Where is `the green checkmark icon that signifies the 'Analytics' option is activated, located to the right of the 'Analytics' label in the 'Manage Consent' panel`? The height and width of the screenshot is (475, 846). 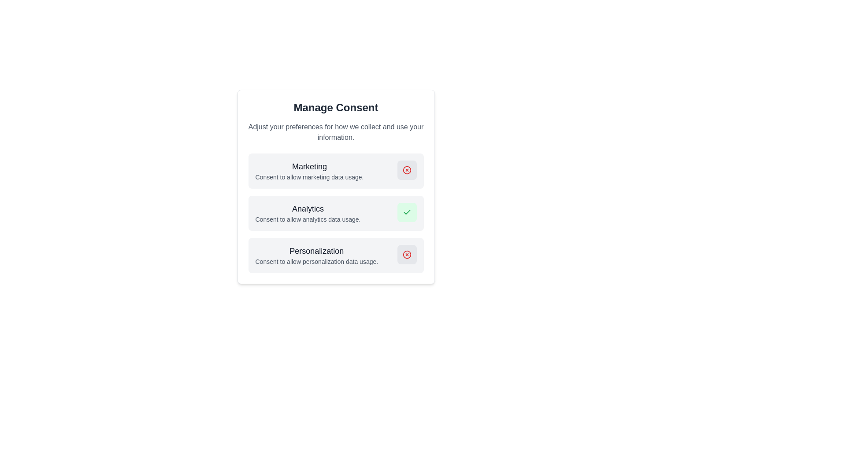 the green checkmark icon that signifies the 'Analytics' option is activated, located to the right of the 'Analytics' label in the 'Manage Consent' panel is located at coordinates (406, 212).